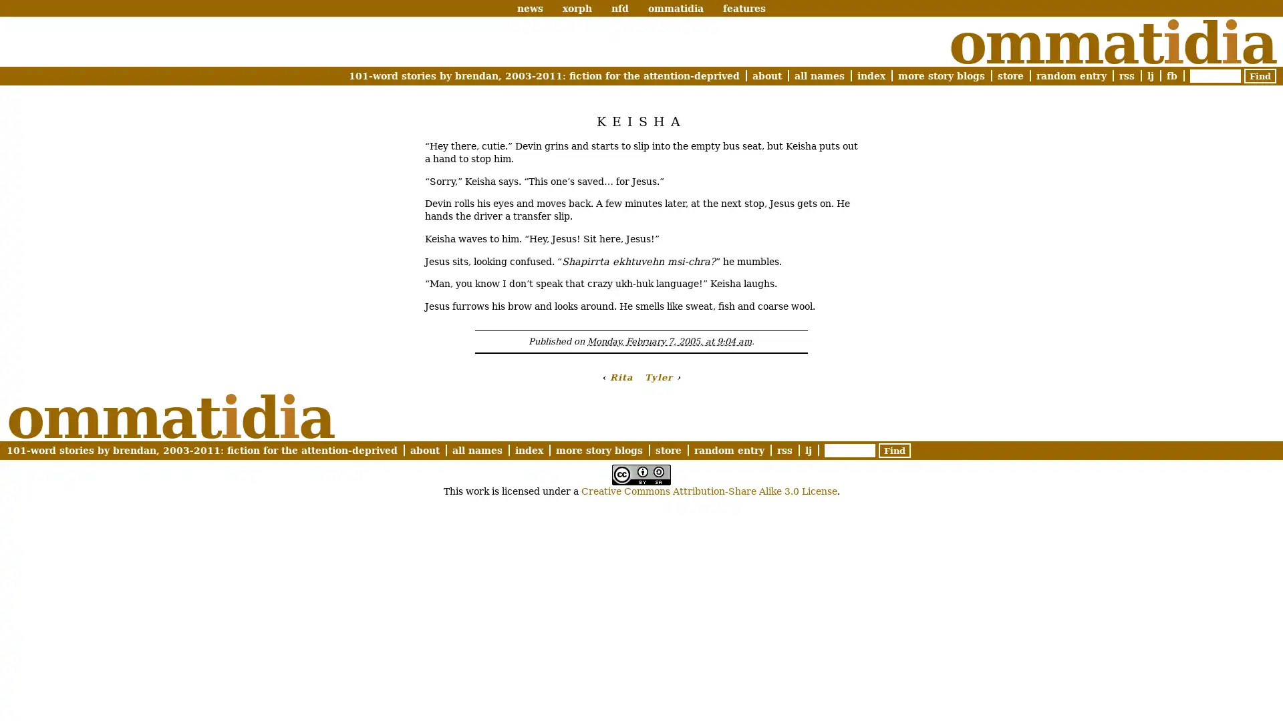 Image resolution: width=1283 pixels, height=721 pixels. Describe the element at coordinates (895, 450) in the screenshot. I see `Find` at that location.